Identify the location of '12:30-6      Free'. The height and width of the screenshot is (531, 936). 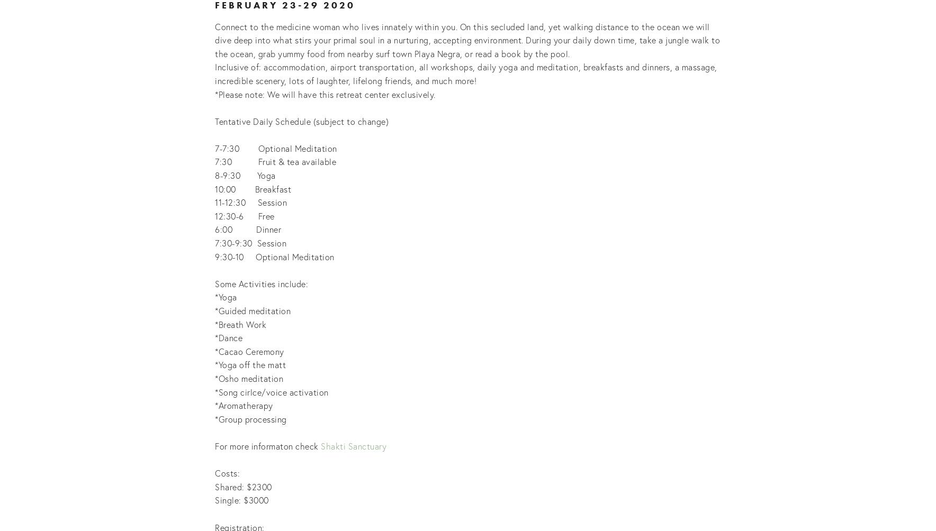
(244, 215).